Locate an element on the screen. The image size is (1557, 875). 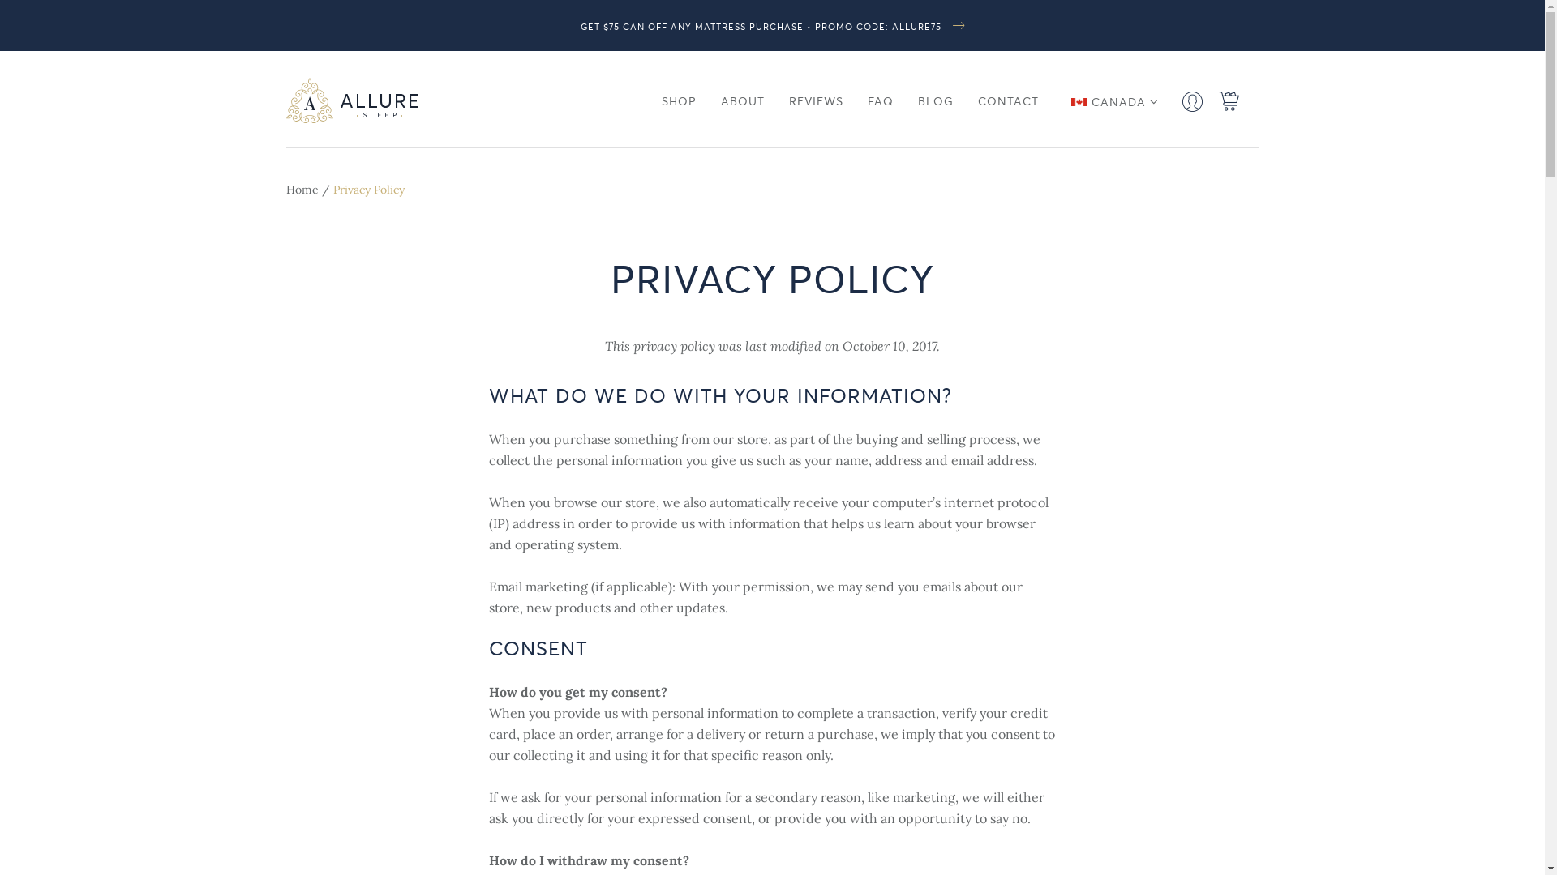
'CONTACT' is located at coordinates (1007, 100).